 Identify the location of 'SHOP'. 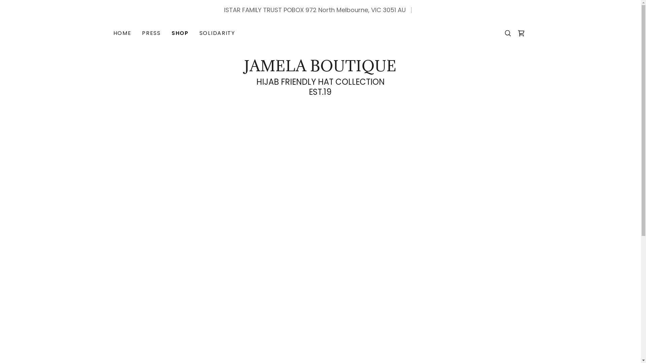
(180, 33).